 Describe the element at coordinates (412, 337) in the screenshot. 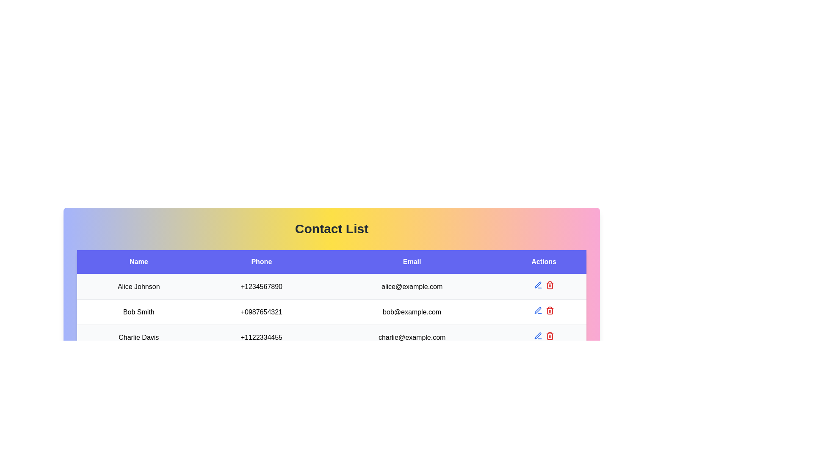

I see `the email address displayed in the third item of the 'Email' column associated with the contact 'Charlie Davis' in the table` at that location.